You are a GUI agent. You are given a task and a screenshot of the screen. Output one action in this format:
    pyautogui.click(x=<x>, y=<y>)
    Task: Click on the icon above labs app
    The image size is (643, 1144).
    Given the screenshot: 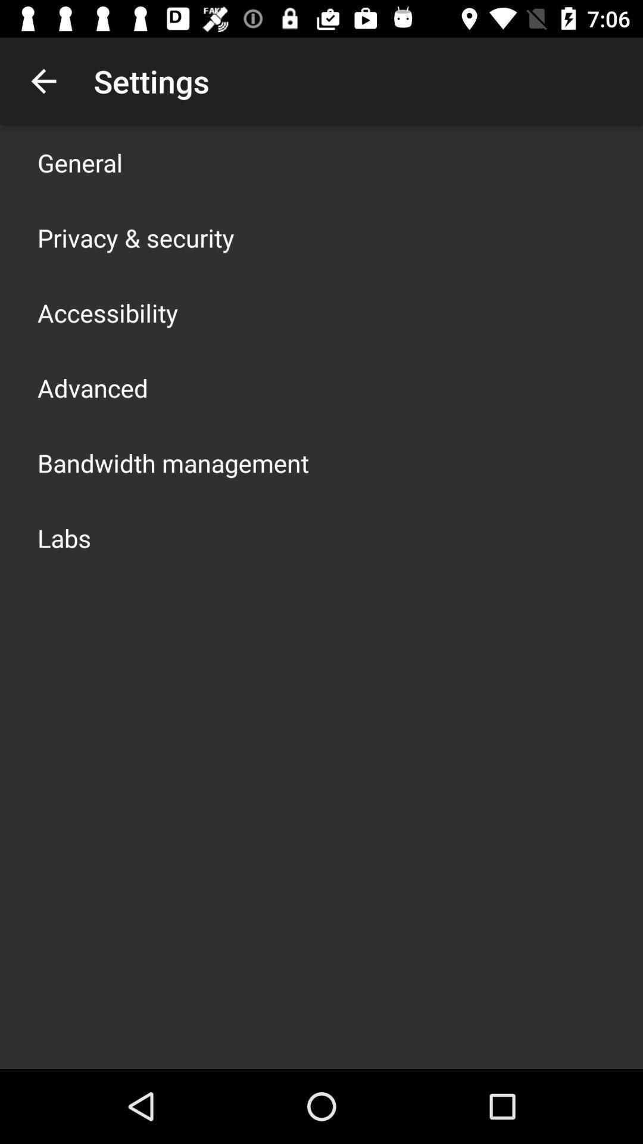 What is the action you would take?
    pyautogui.click(x=173, y=462)
    